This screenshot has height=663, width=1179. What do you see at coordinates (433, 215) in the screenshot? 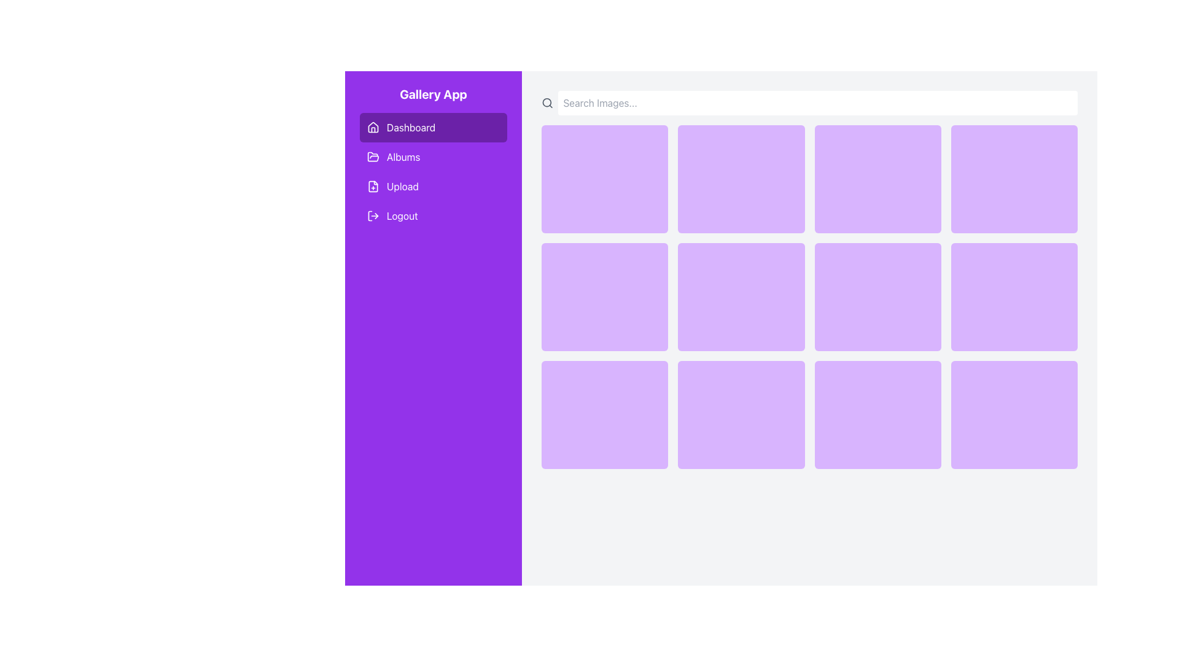
I see `the logout button, which is the fourth item in the vertical list of menu options on the left sidebar, located below the 'Upload' button` at bounding box center [433, 215].